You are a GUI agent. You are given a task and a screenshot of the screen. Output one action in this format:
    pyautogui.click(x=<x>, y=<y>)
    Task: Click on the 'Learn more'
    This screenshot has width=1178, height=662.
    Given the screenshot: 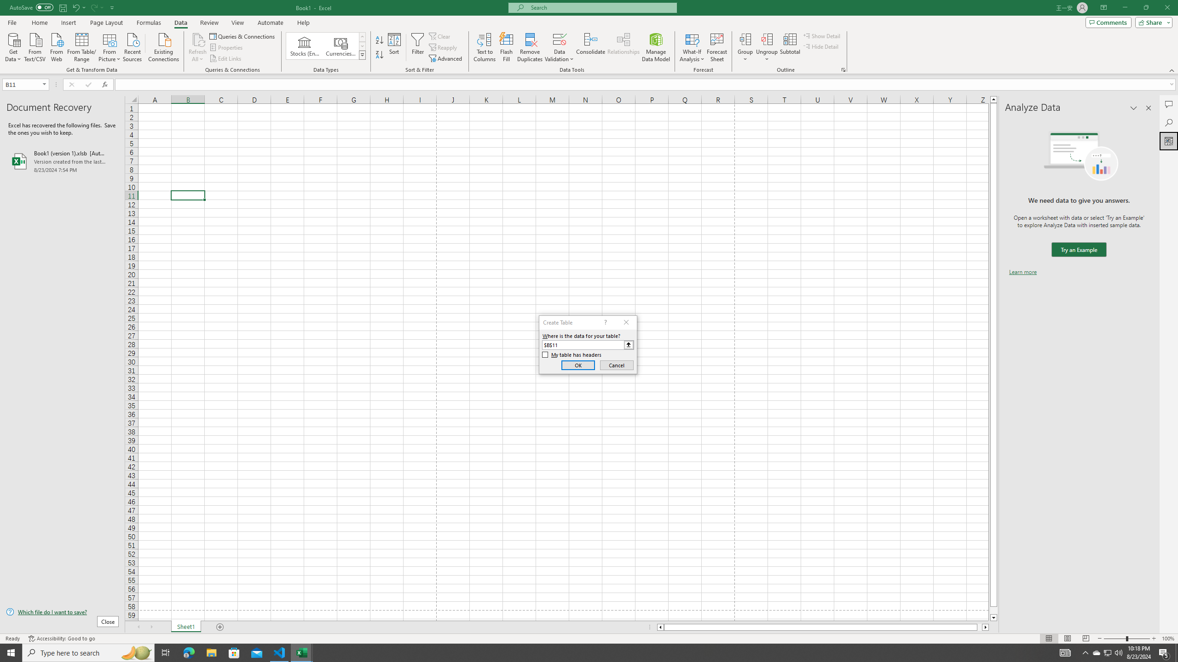 What is the action you would take?
    pyautogui.click(x=1022, y=271)
    